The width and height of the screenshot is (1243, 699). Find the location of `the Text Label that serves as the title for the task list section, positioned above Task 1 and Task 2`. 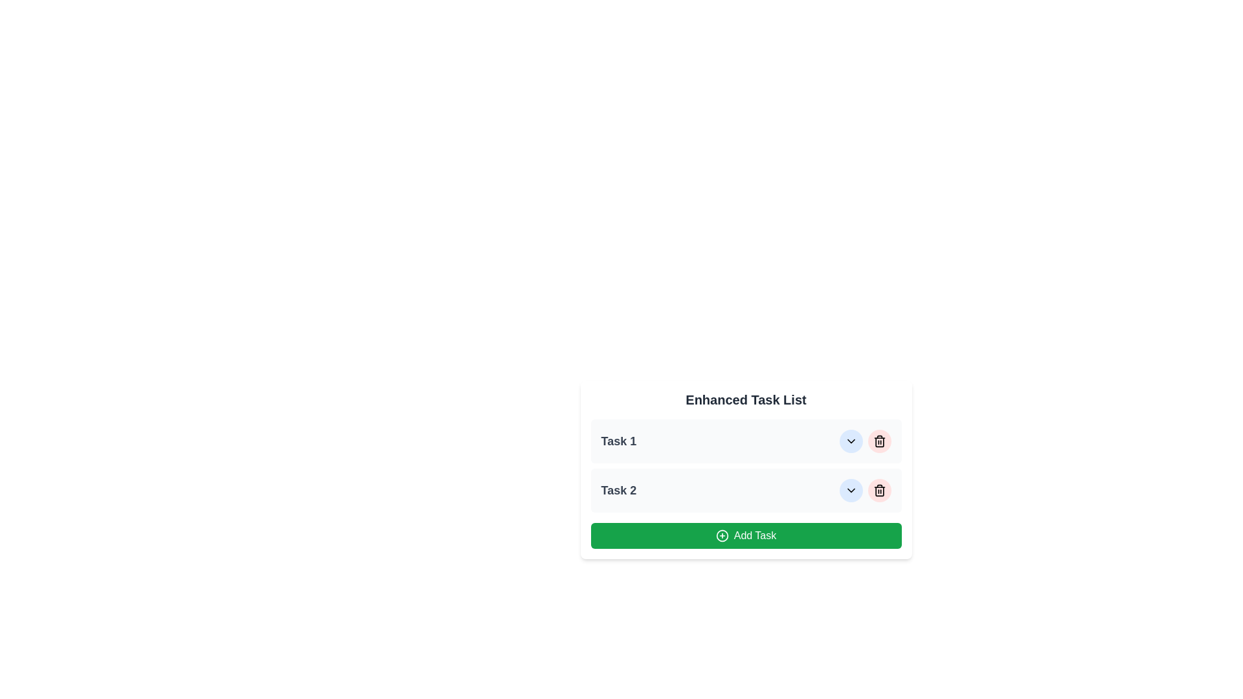

the Text Label that serves as the title for the task list section, positioned above Task 1 and Task 2 is located at coordinates (746, 399).